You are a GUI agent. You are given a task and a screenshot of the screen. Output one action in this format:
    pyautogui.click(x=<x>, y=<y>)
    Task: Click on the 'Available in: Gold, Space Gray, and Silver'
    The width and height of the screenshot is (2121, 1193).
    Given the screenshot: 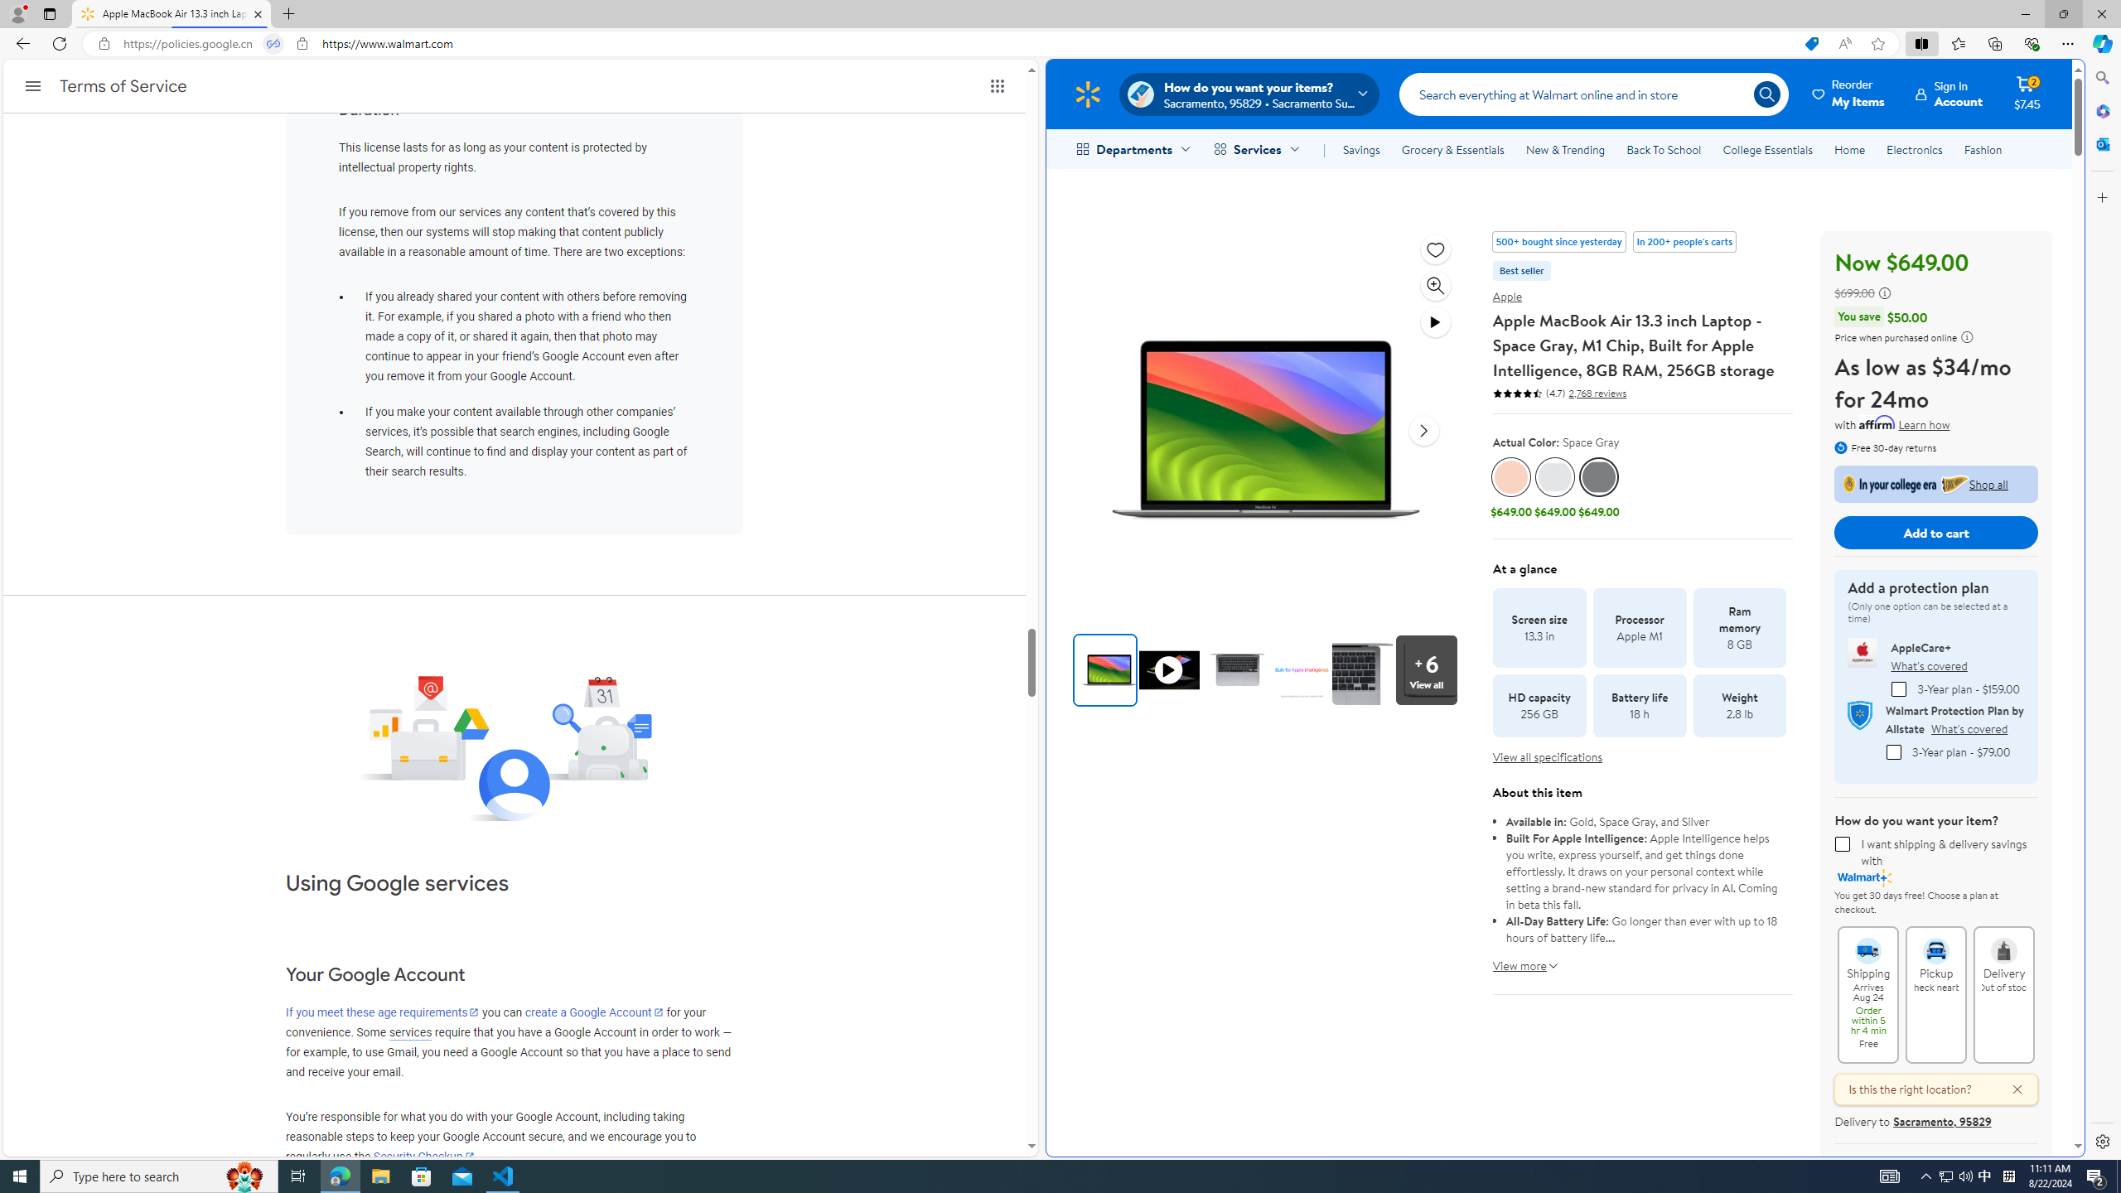 What is the action you would take?
    pyautogui.click(x=1641, y=821)
    